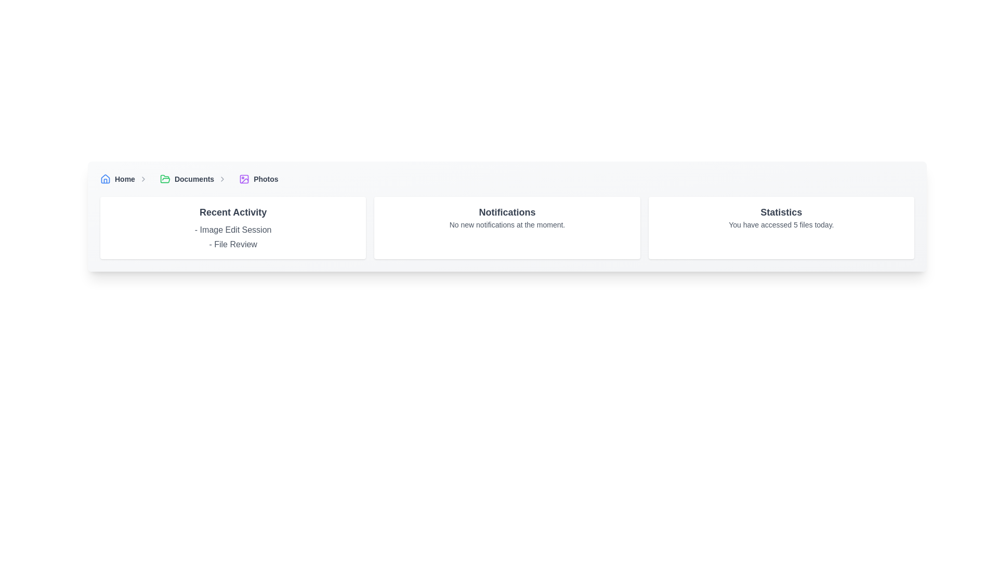 The image size is (998, 561). Describe the element at coordinates (187, 178) in the screenshot. I see `the 'Documents' hyperlink in the breadcrumb navigation bar, which is a green folder icon followed by dark gray text labeled 'Documents'` at that location.